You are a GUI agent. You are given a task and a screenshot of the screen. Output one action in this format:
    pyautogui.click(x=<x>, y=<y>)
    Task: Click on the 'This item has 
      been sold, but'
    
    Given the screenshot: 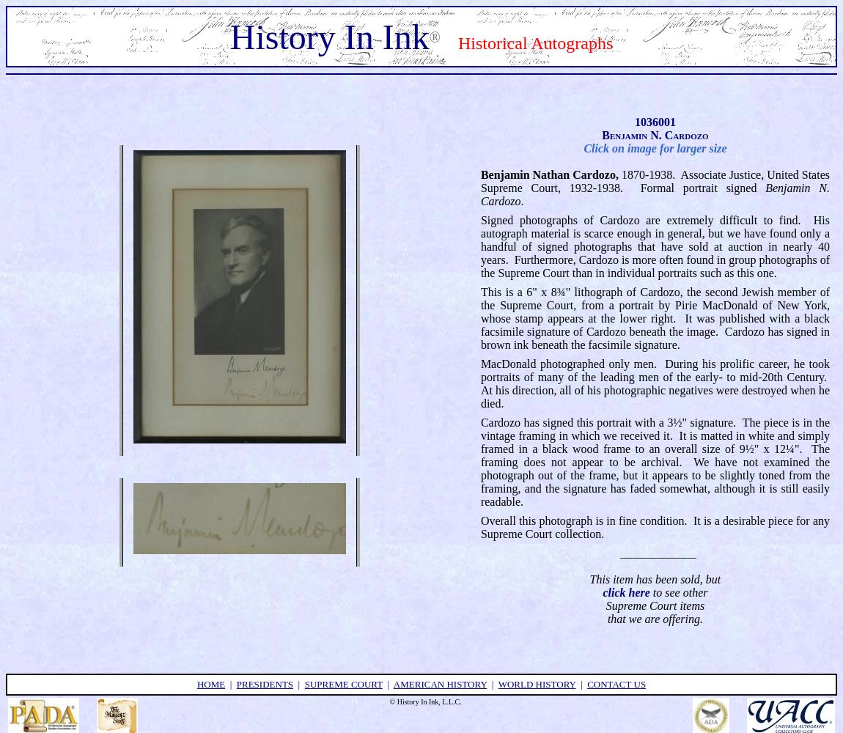 What is the action you would take?
    pyautogui.click(x=655, y=578)
    